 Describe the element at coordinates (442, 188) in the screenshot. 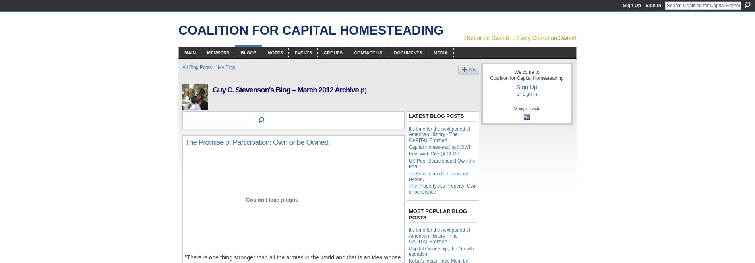

I see `'The Propertyless Property; Own or be Owned'` at that location.